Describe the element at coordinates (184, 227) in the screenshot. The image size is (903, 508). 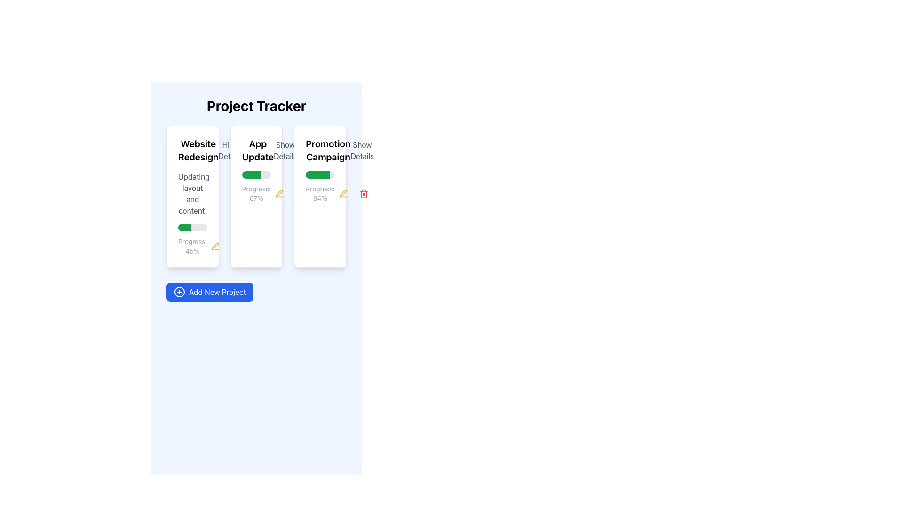
I see `changes in the completion percentage of the progress bar located at the bottom of the 'Website Redesign' card, which currently shows 45% completion with a green-filled section` at that location.